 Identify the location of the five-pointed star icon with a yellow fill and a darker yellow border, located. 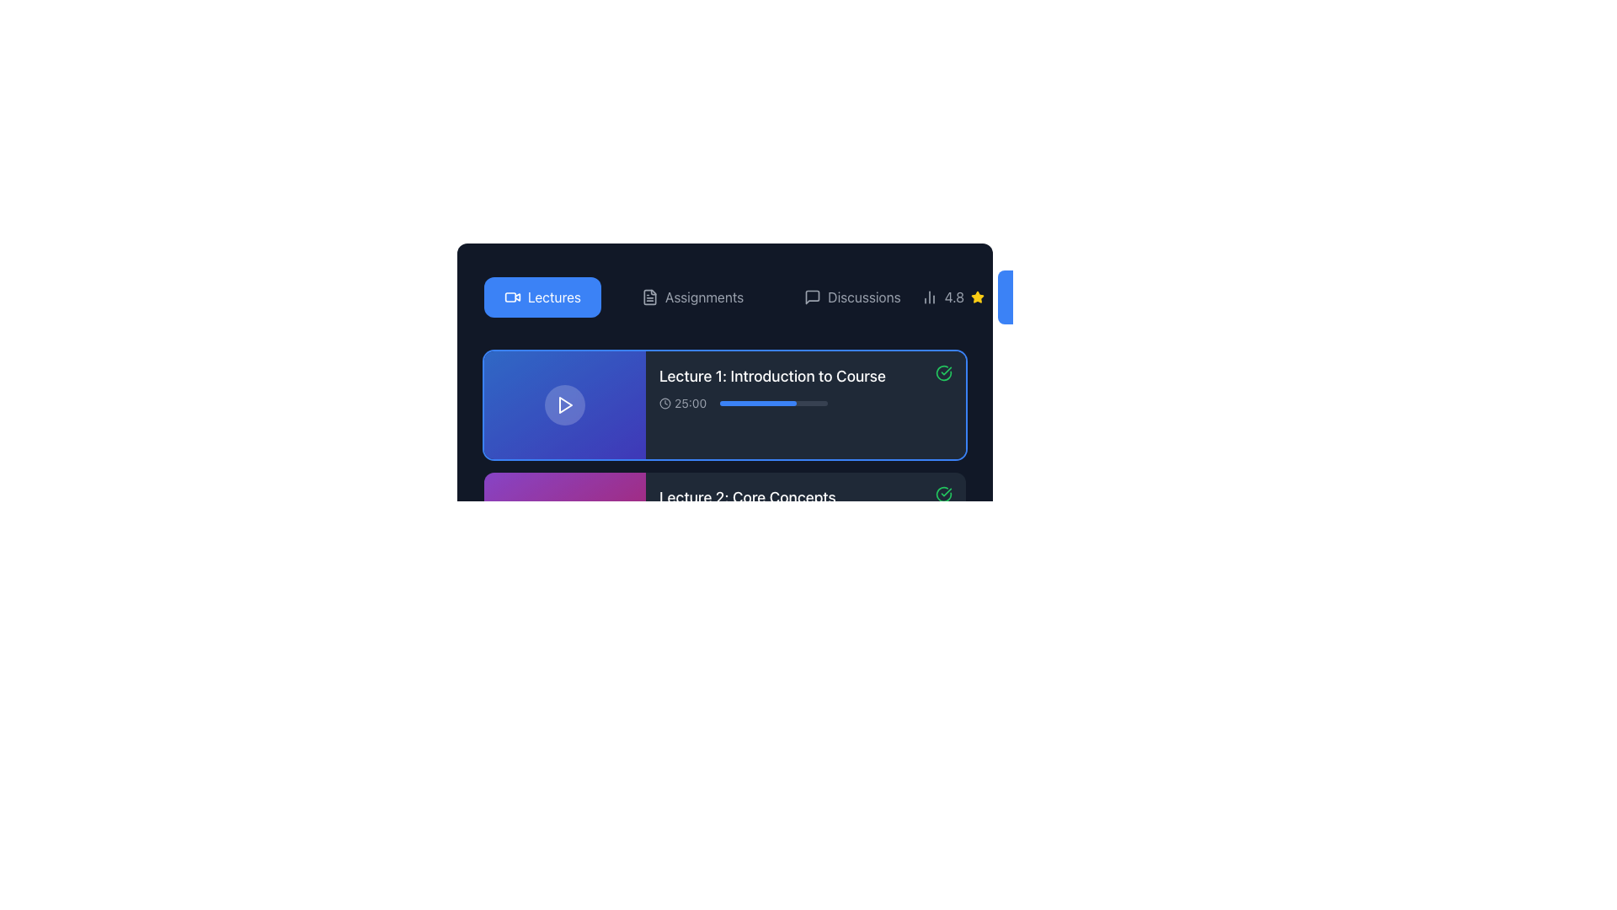
(977, 295).